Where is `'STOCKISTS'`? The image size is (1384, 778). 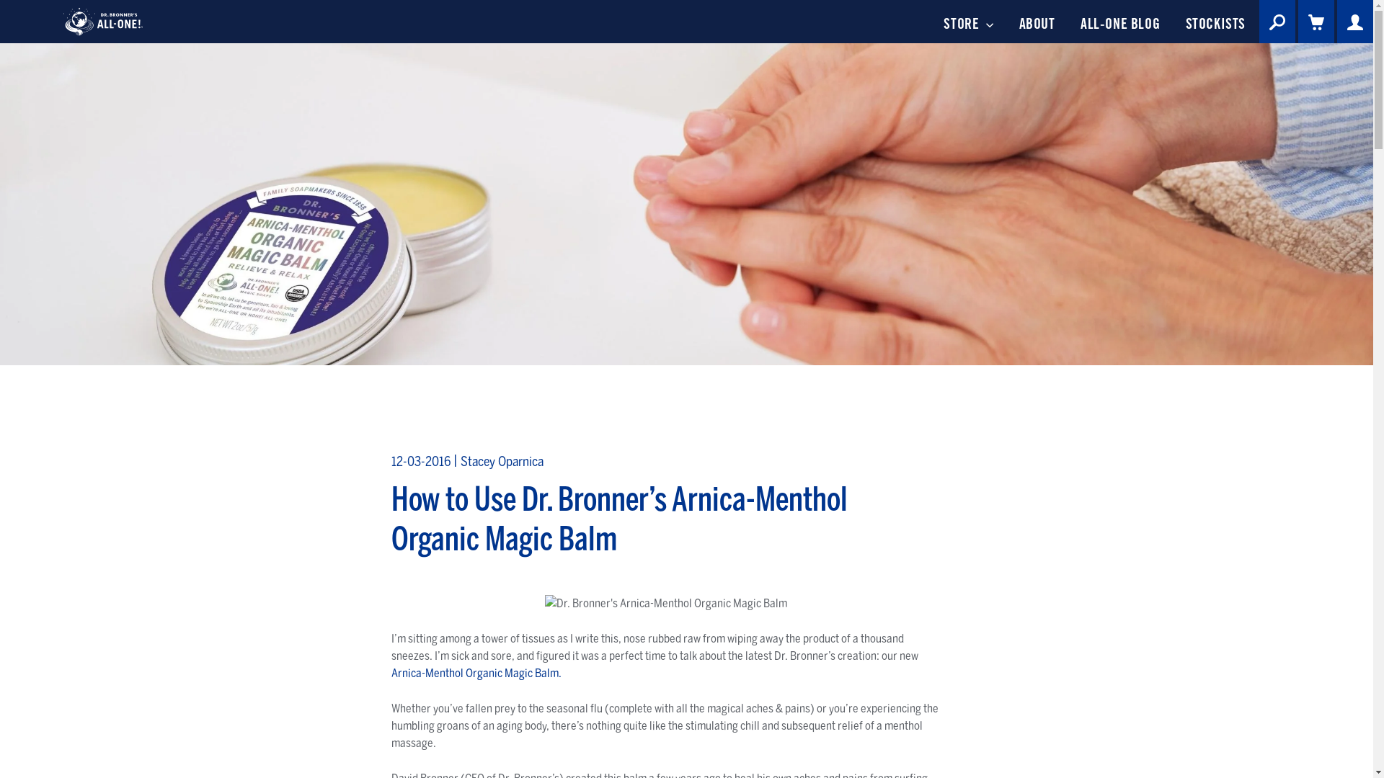
'STOCKISTS' is located at coordinates (1215, 22).